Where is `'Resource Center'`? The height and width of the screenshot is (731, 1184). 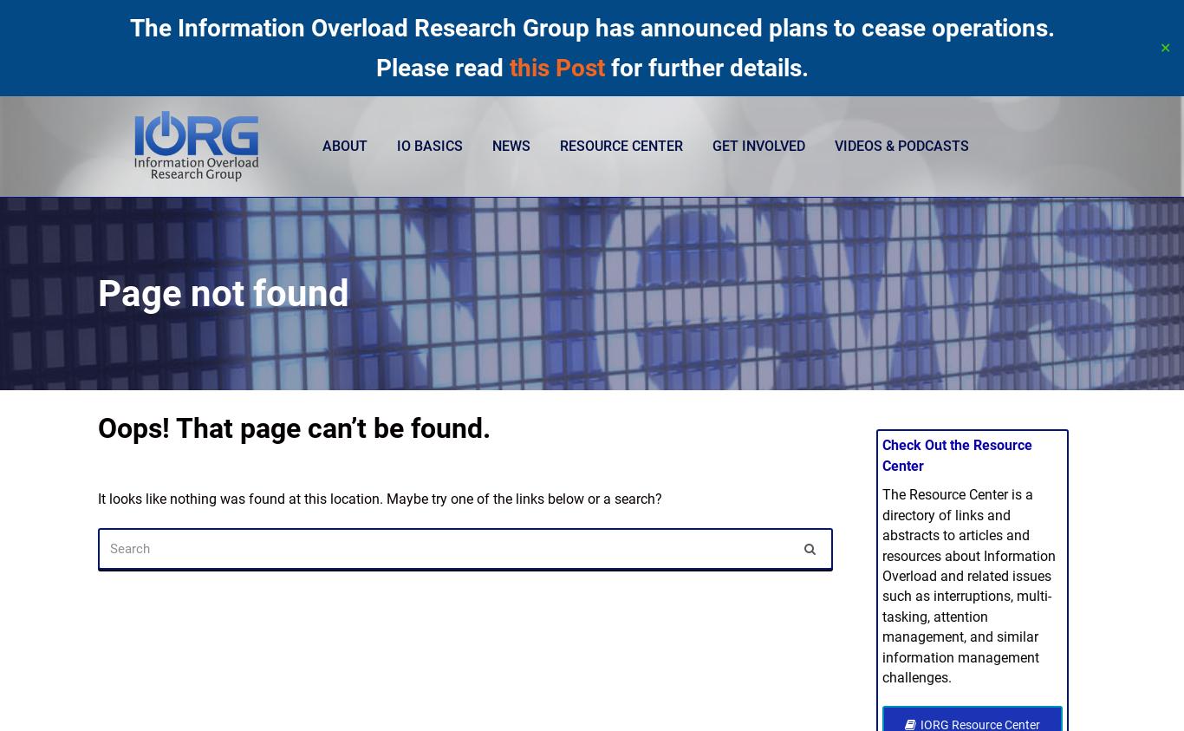
'Resource Center' is located at coordinates (621, 145).